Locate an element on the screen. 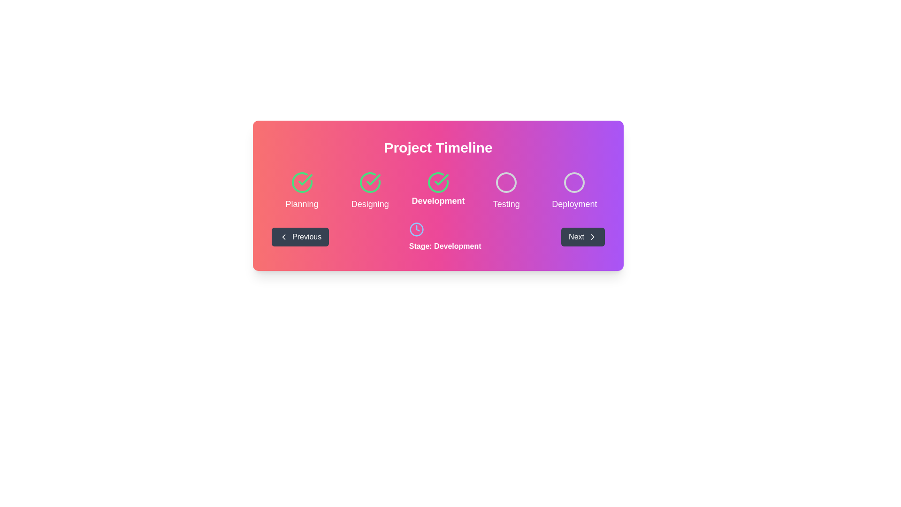 Image resolution: width=901 pixels, height=507 pixels. the central SVG Circle of the outlined clock icon, which is located in the second row of icons in the interface is located at coordinates (416, 230).